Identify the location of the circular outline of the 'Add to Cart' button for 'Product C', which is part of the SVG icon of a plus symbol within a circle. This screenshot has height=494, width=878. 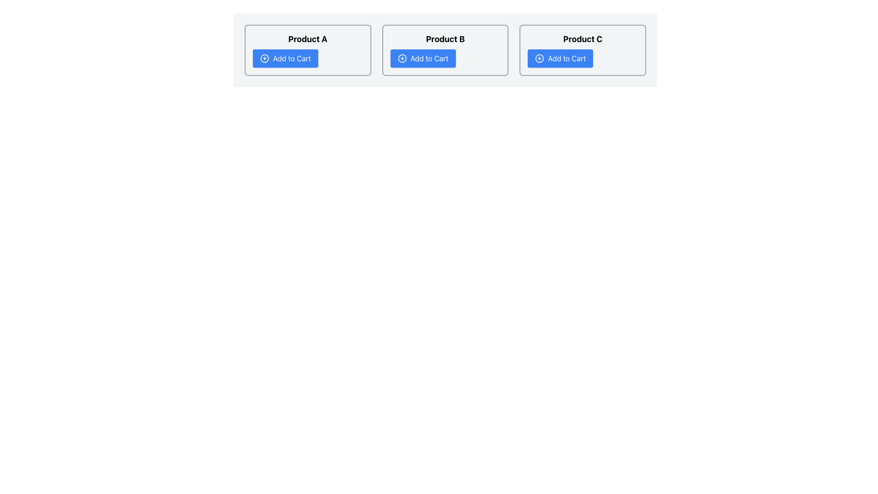
(540, 58).